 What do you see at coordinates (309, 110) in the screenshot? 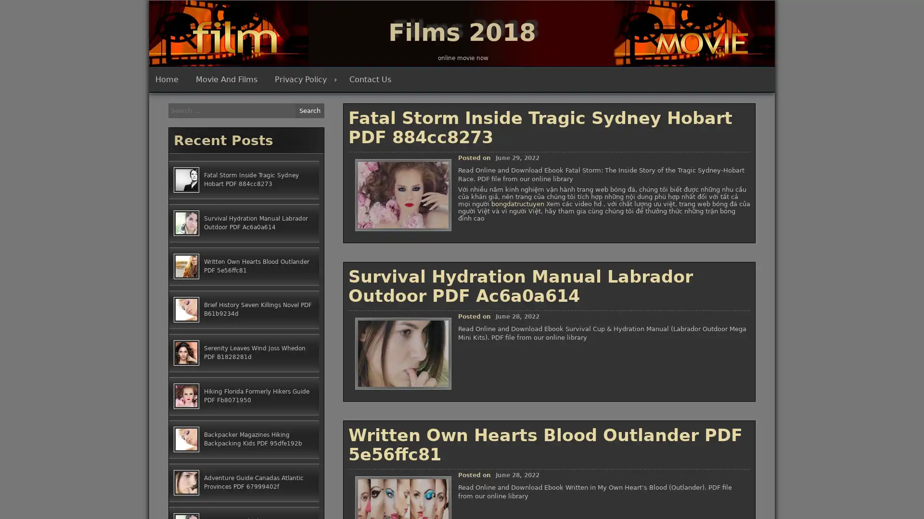
I see `Search` at bounding box center [309, 110].